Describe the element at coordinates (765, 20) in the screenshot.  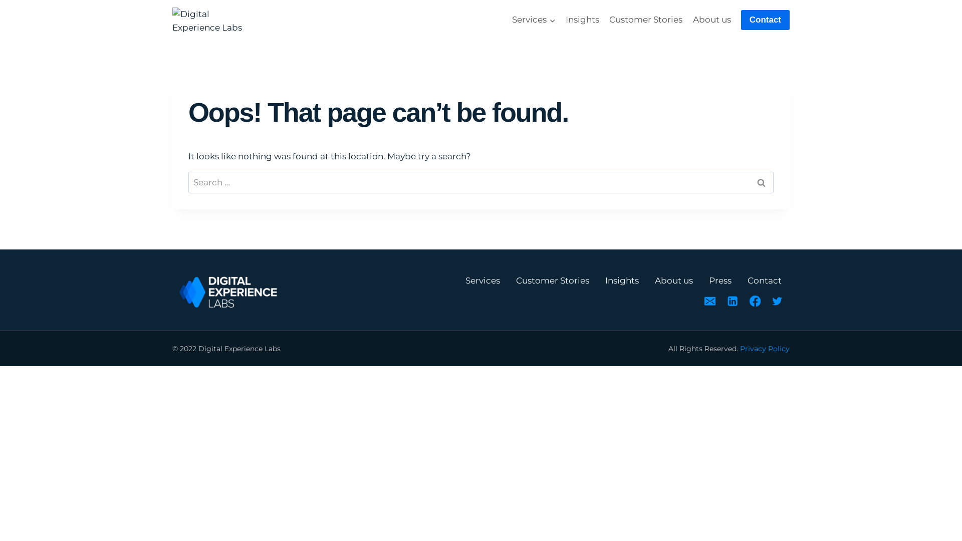
I see `'Contact'` at that location.